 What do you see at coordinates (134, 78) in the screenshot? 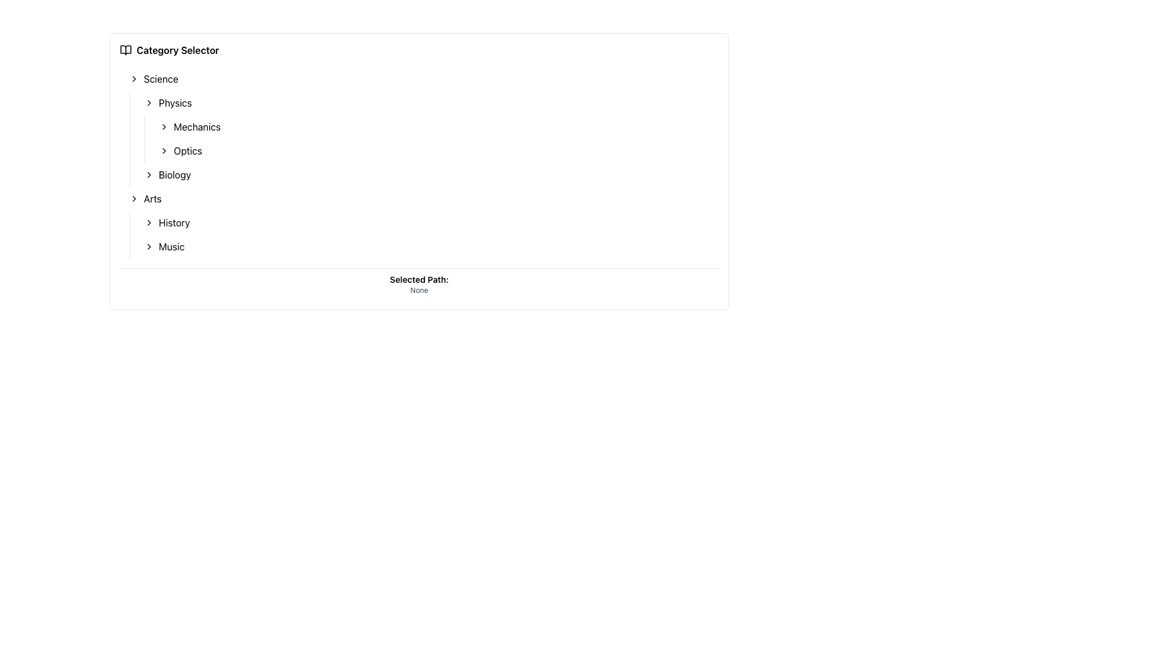
I see `the chevron-shaped icon located beside the text 'Science'` at bounding box center [134, 78].